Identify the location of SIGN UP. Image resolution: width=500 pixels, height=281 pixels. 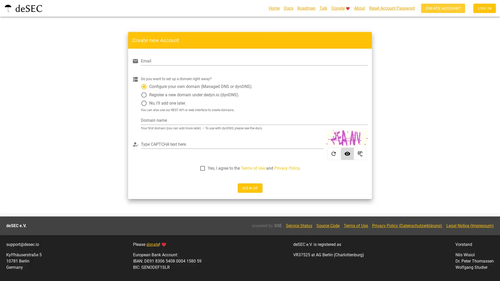
(249, 189).